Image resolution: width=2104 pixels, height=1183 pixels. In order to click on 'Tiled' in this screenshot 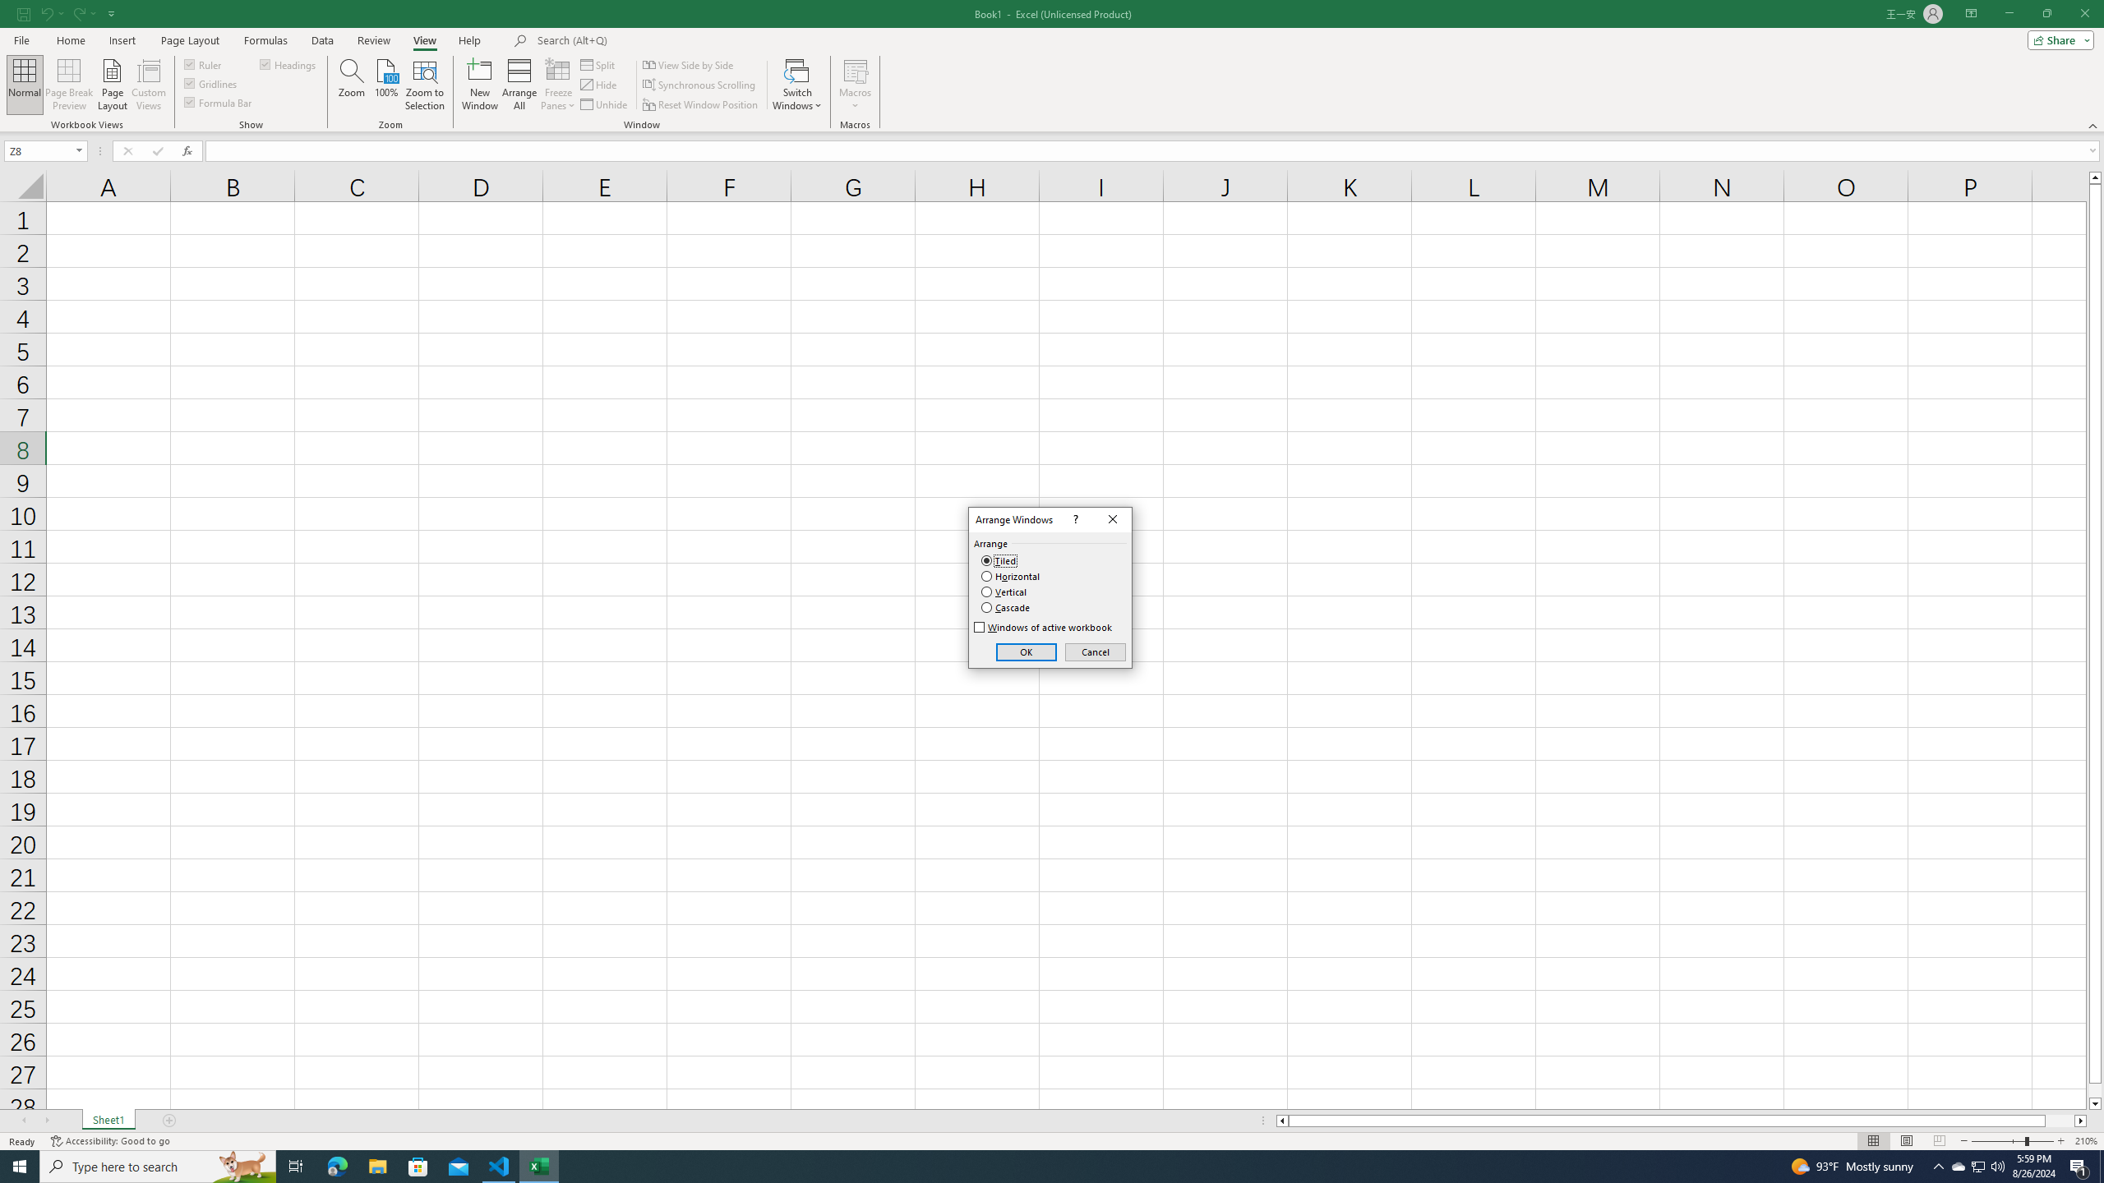, I will do `click(999, 560)`.